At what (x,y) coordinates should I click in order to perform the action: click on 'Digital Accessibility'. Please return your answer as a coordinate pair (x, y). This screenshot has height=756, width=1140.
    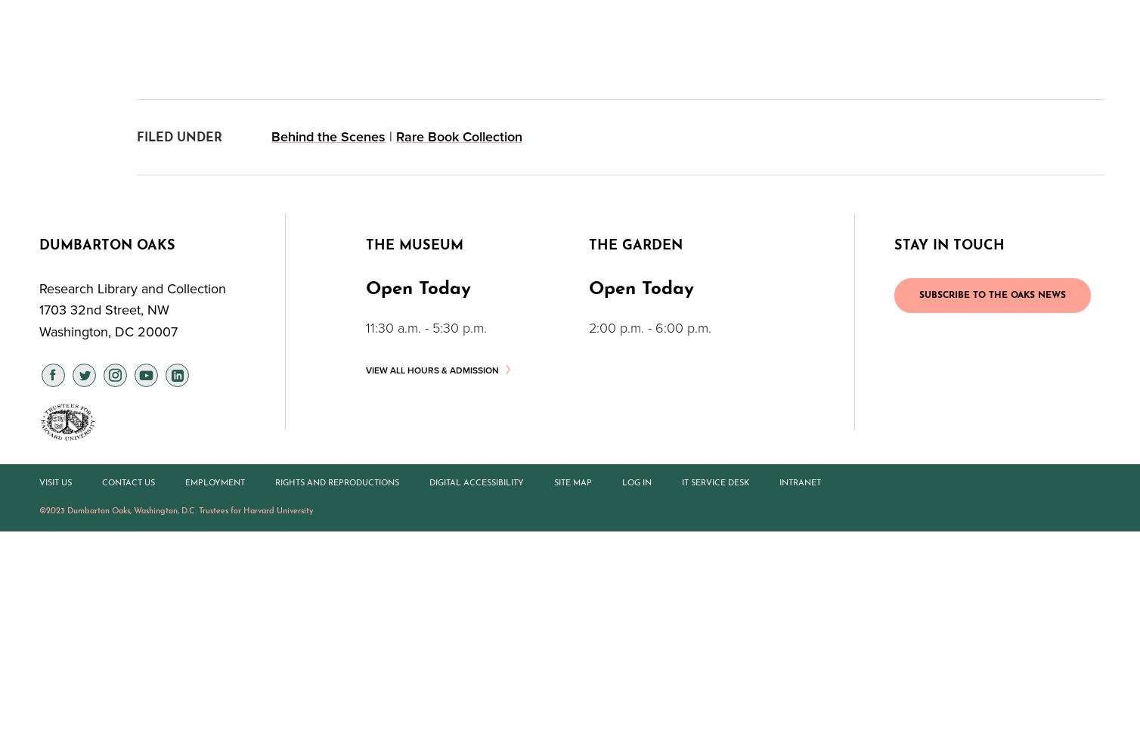
    Looking at the image, I should click on (476, 482).